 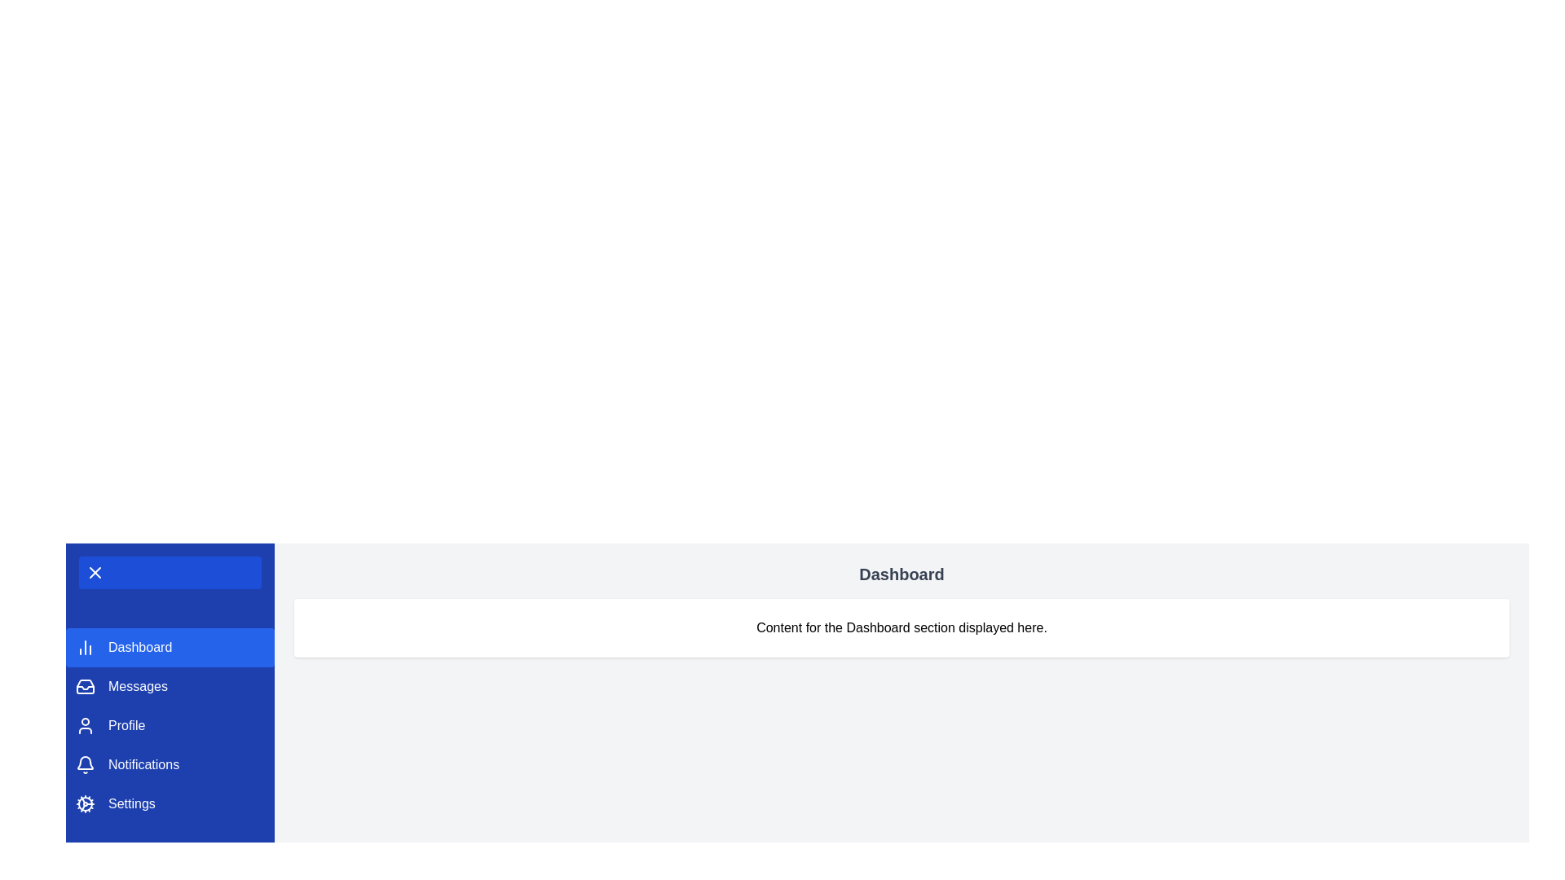 I want to click on the Close/Dismiss icon located in the top-left corner of the user interface, embedded within the sidebar area above the navigation menu, so click(x=94, y=571).